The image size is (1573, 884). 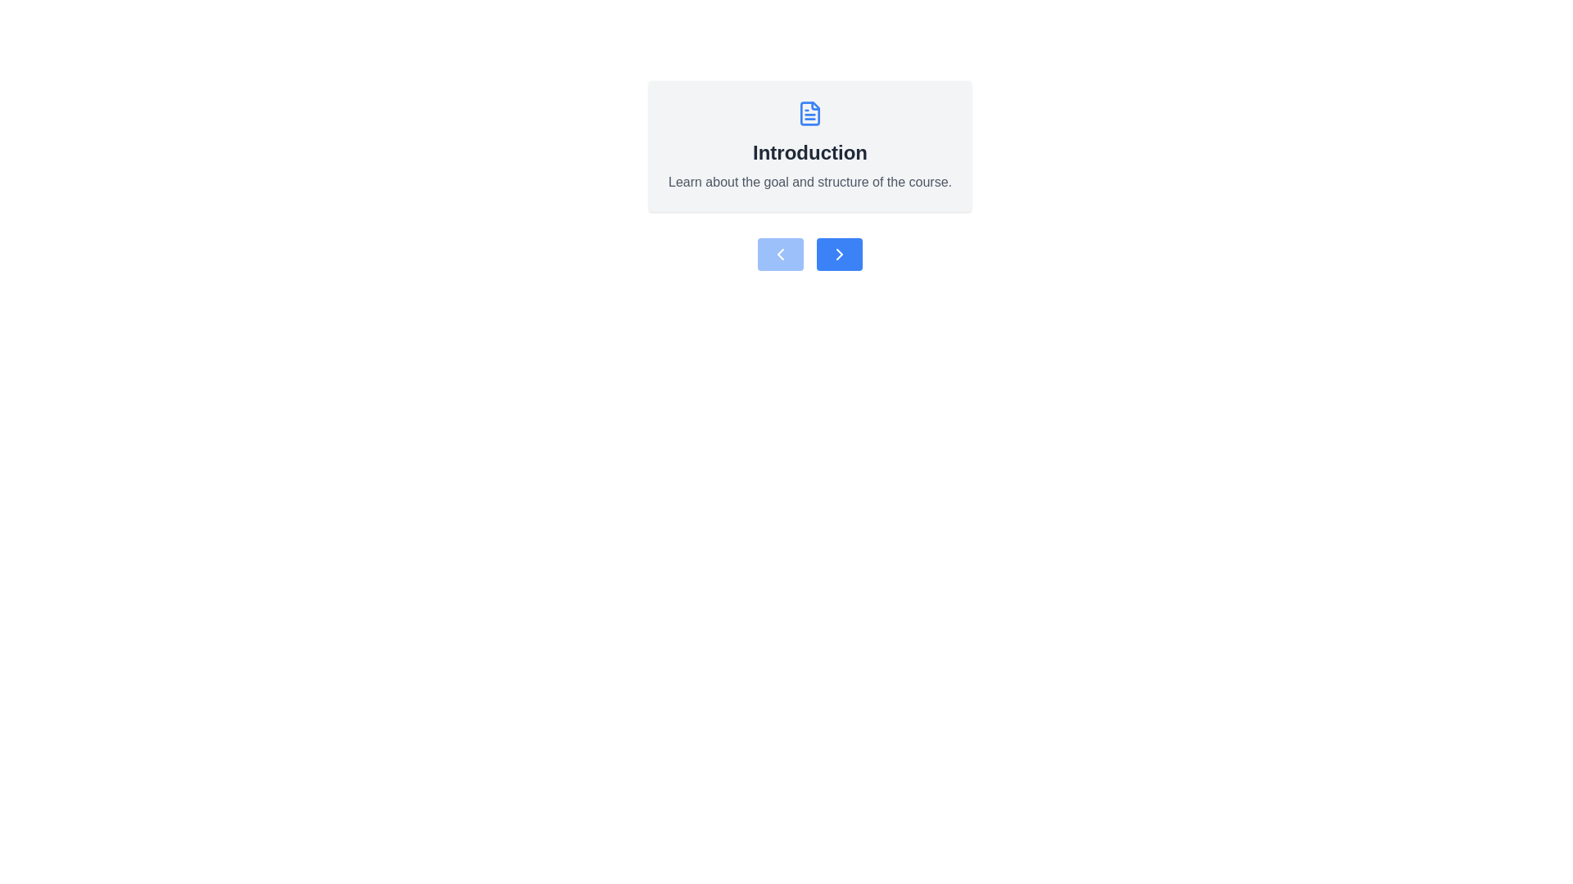 What do you see at coordinates (840, 255) in the screenshot?
I see `the navigation icon located to the right of the blue rectangular button below the 'Introduction' section` at bounding box center [840, 255].